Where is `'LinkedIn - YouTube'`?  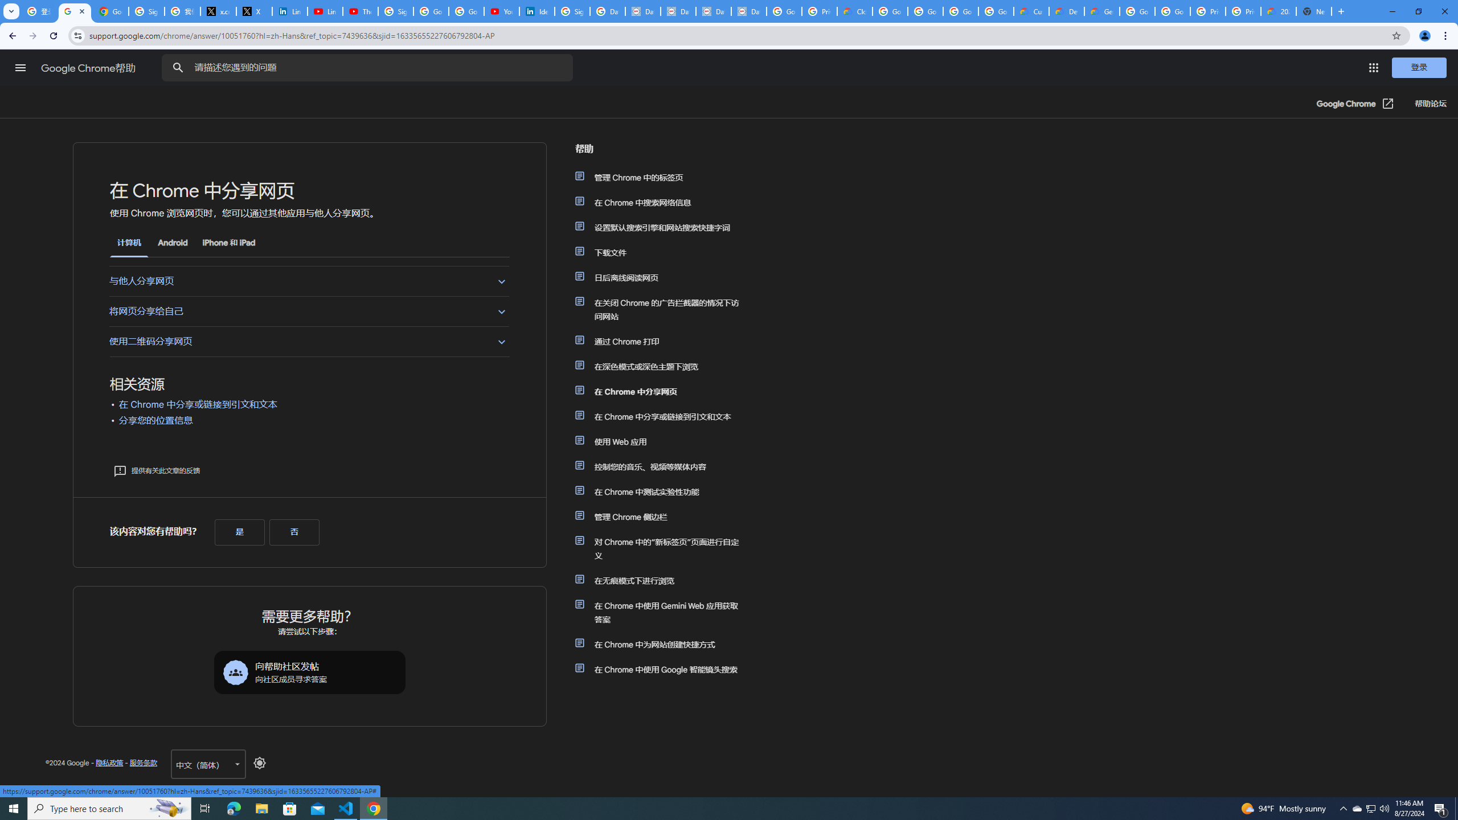 'LinkedIn - YouTube' is located at coordinates (325, 11).